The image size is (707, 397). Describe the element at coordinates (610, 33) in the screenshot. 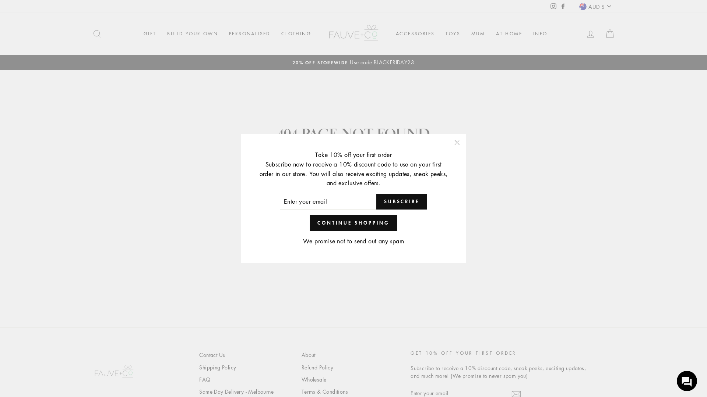

I see `'CART'` at that location.